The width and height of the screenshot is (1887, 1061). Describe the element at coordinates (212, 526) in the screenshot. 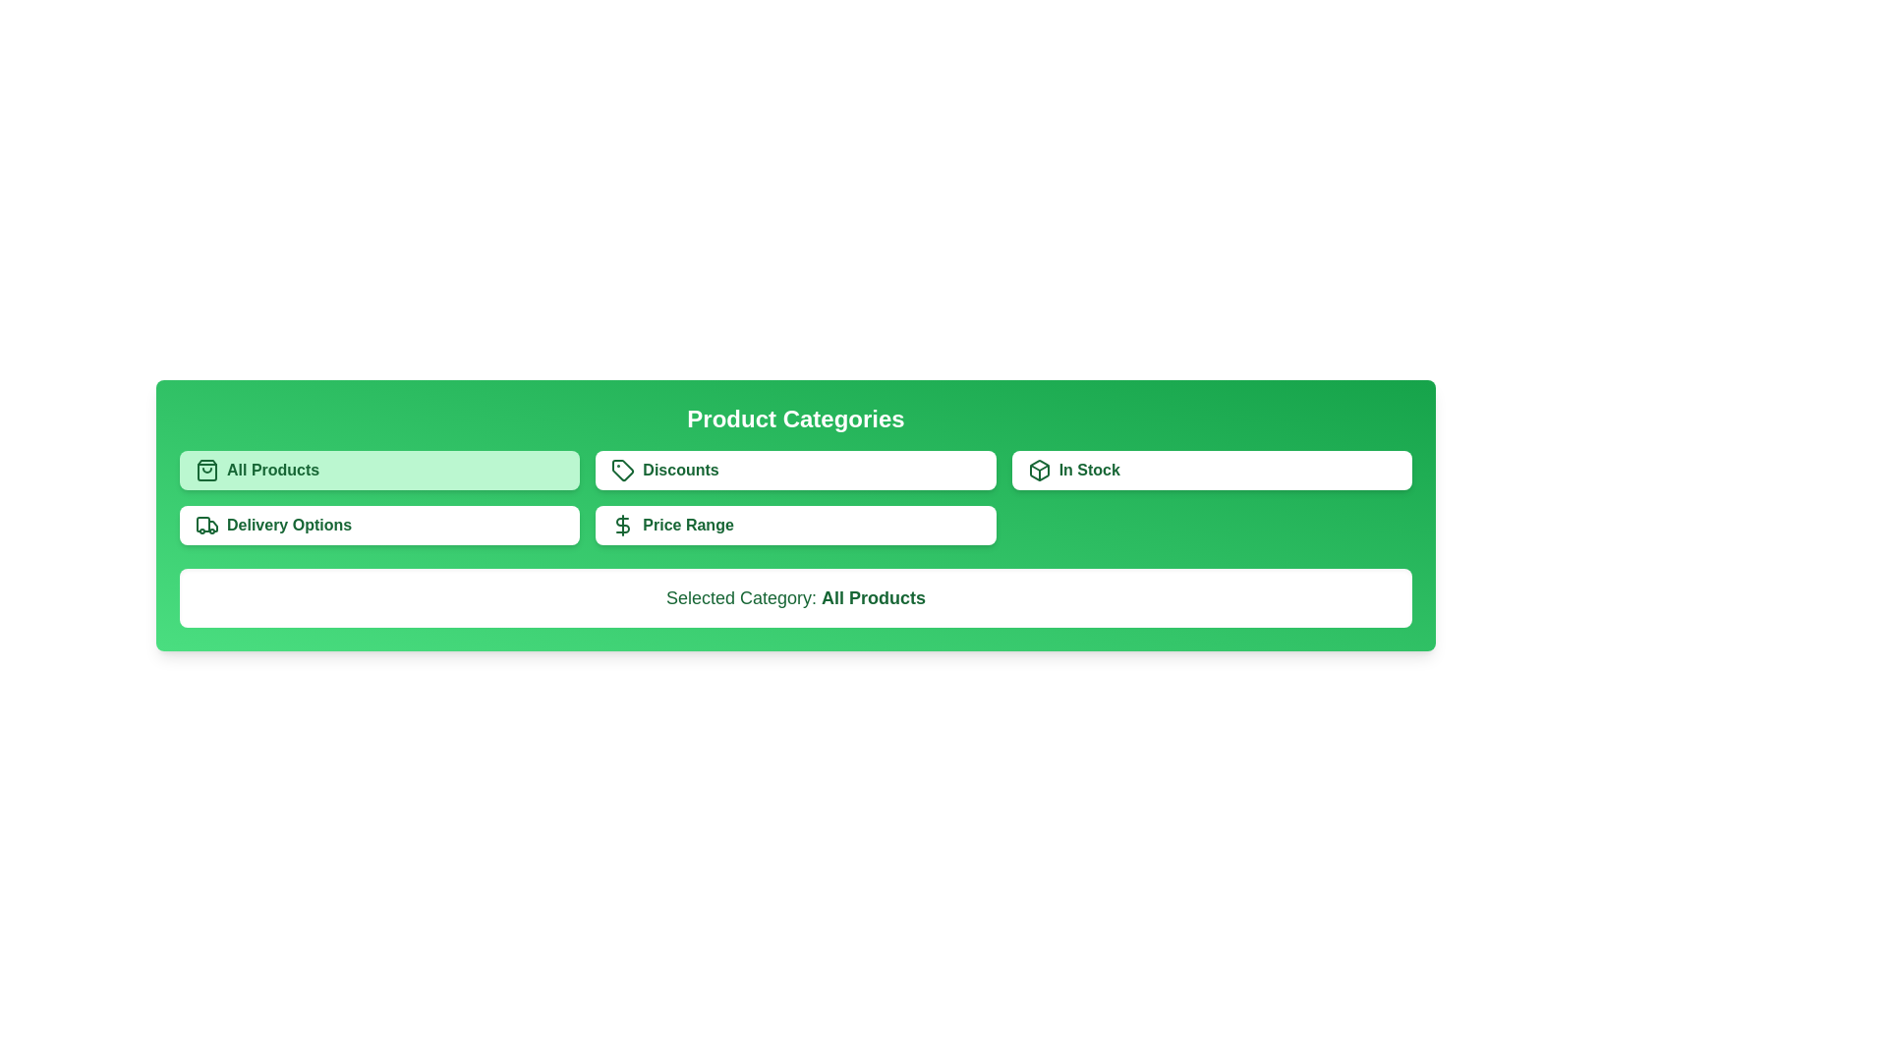

I see `the truck icon in the 'Delivery Options' section of the product categories card, which is located in the second row, leftmost column of the card` at that location.